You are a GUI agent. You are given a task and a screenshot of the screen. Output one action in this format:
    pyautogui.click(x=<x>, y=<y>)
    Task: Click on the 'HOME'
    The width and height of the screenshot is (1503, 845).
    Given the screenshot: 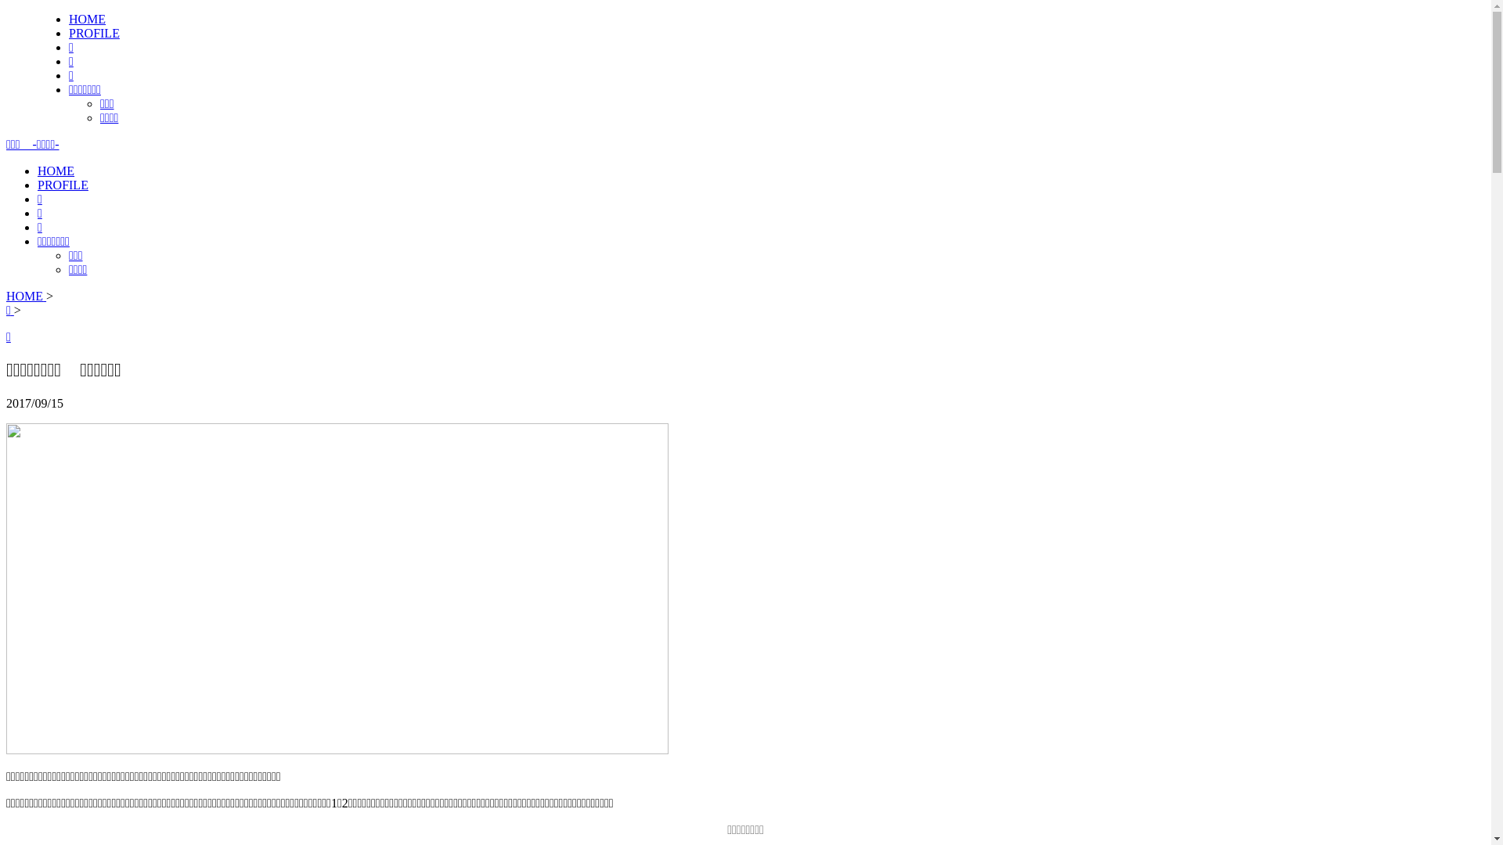 What is the action you would take?
    pyautogui.click(x=56, y=171)
    